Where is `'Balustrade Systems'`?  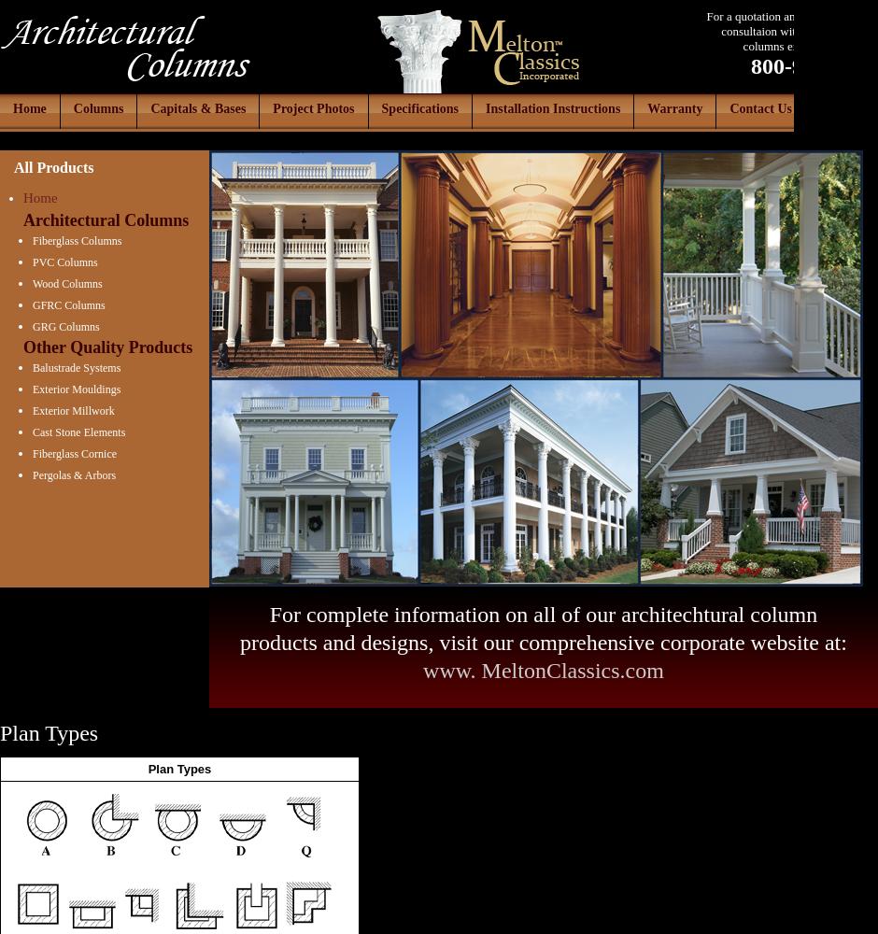
'Balustrade Systems' is located at coordinates (76, 368).